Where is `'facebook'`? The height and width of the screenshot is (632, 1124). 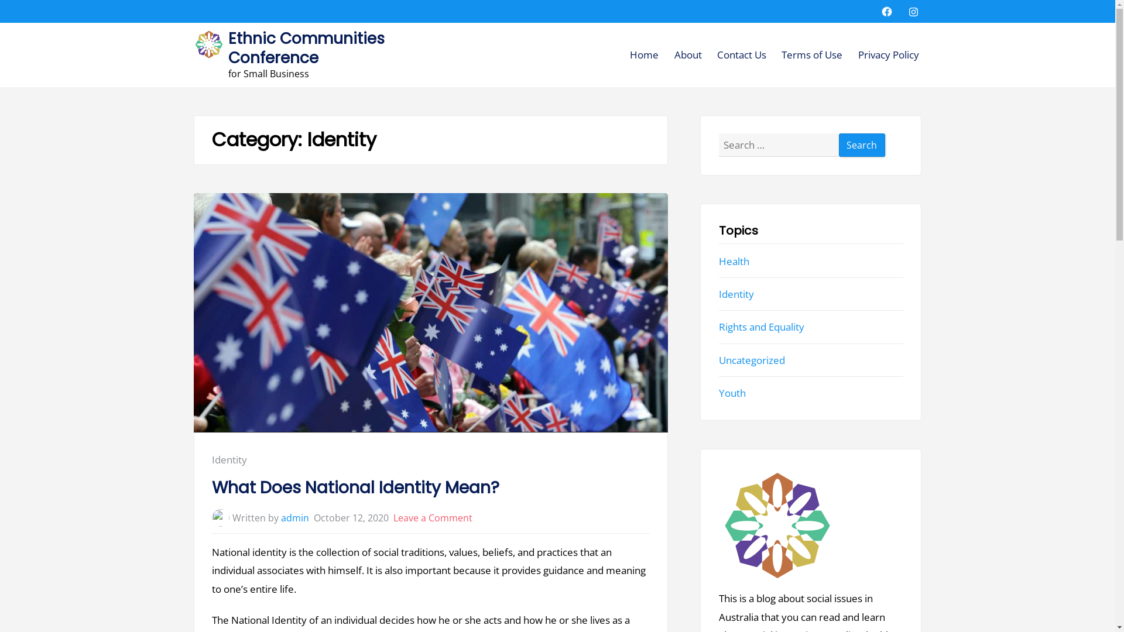
'facebook' is located at coordinates (887, 11).